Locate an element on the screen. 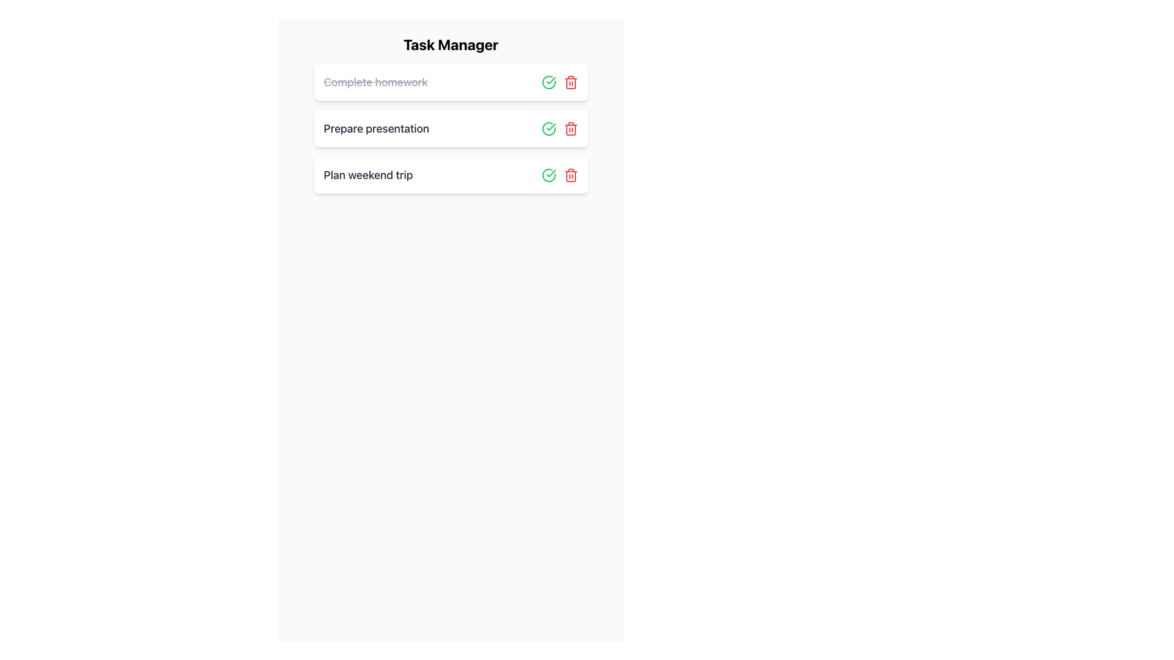  the label element that describes the task 'Plan weekend trip' located in the third card of the task management interface is located at coordinates (367, 175).